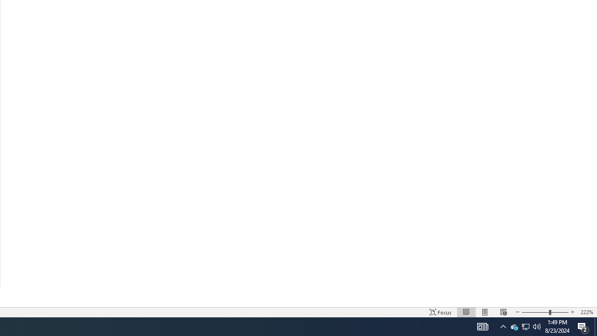 The image size is (597, 336). I want to click on 'Decrease Text Size', so click(517, 312).